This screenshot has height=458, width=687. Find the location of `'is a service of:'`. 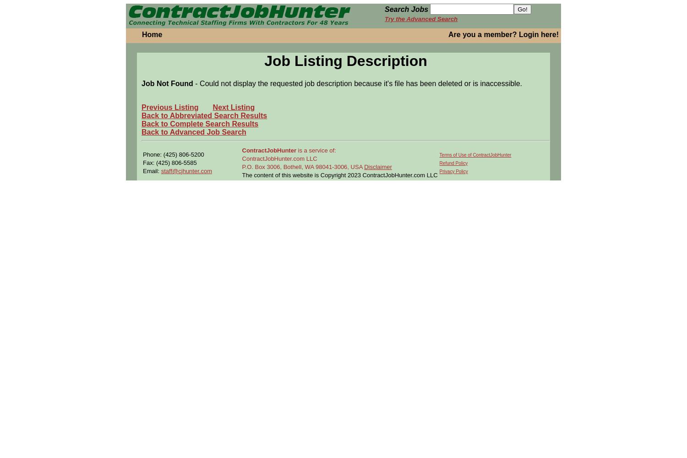

'is a service of:' is located at coordinates (315, 149).